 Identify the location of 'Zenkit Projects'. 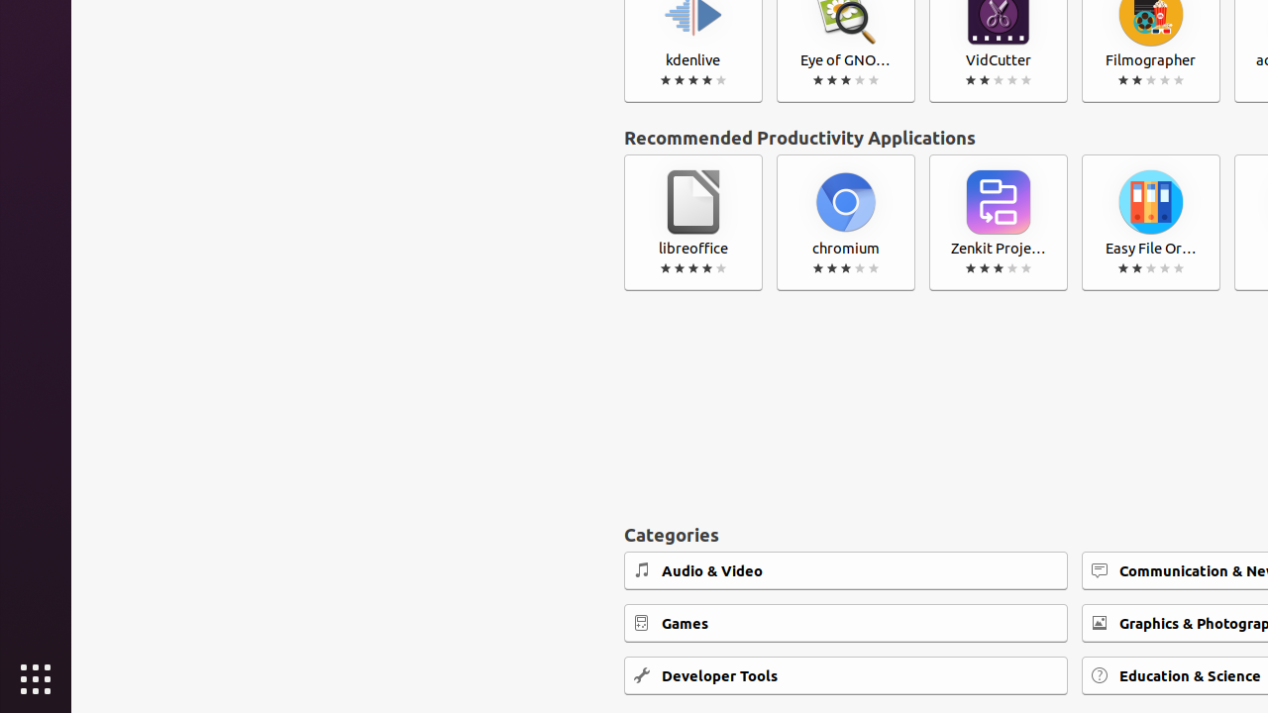
(999, 223).